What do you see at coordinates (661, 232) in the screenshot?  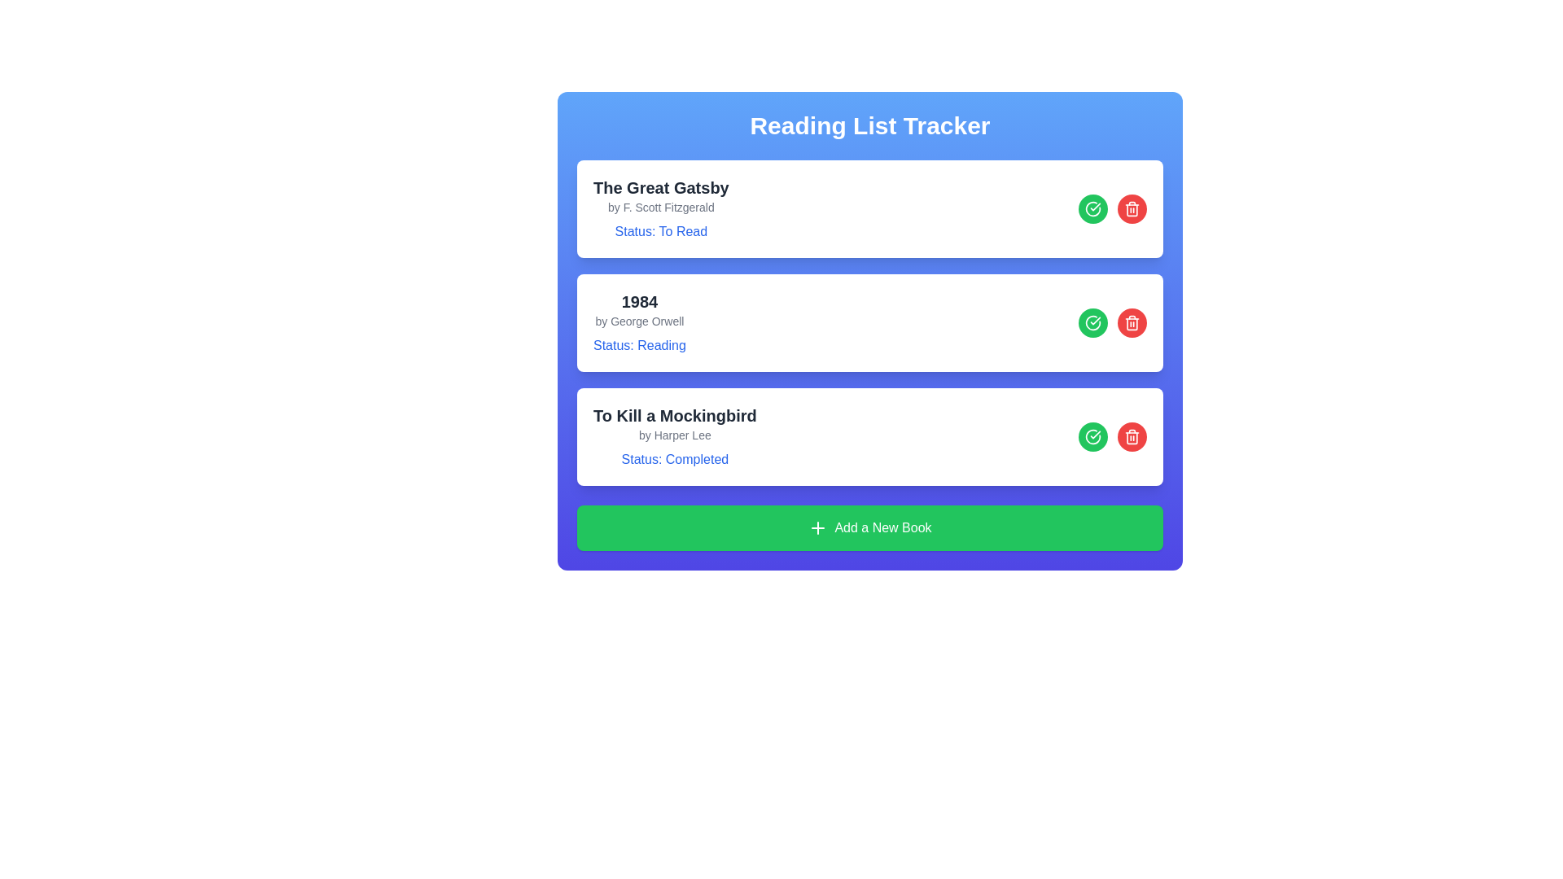 I see `status indicator text label for the book 'The Great Gatsby', which indicates it is marked as 'To Read'` at bounding box center [661, 232].